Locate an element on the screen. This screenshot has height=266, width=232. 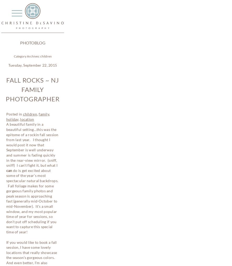
'family' is located at coordinates (44, 114).